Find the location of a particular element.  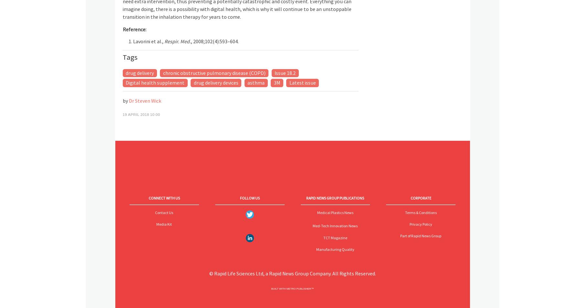

'Mastering Materiovigilance: Safeguarding SaMD and Beyond' is located at coordinates (207, 224).